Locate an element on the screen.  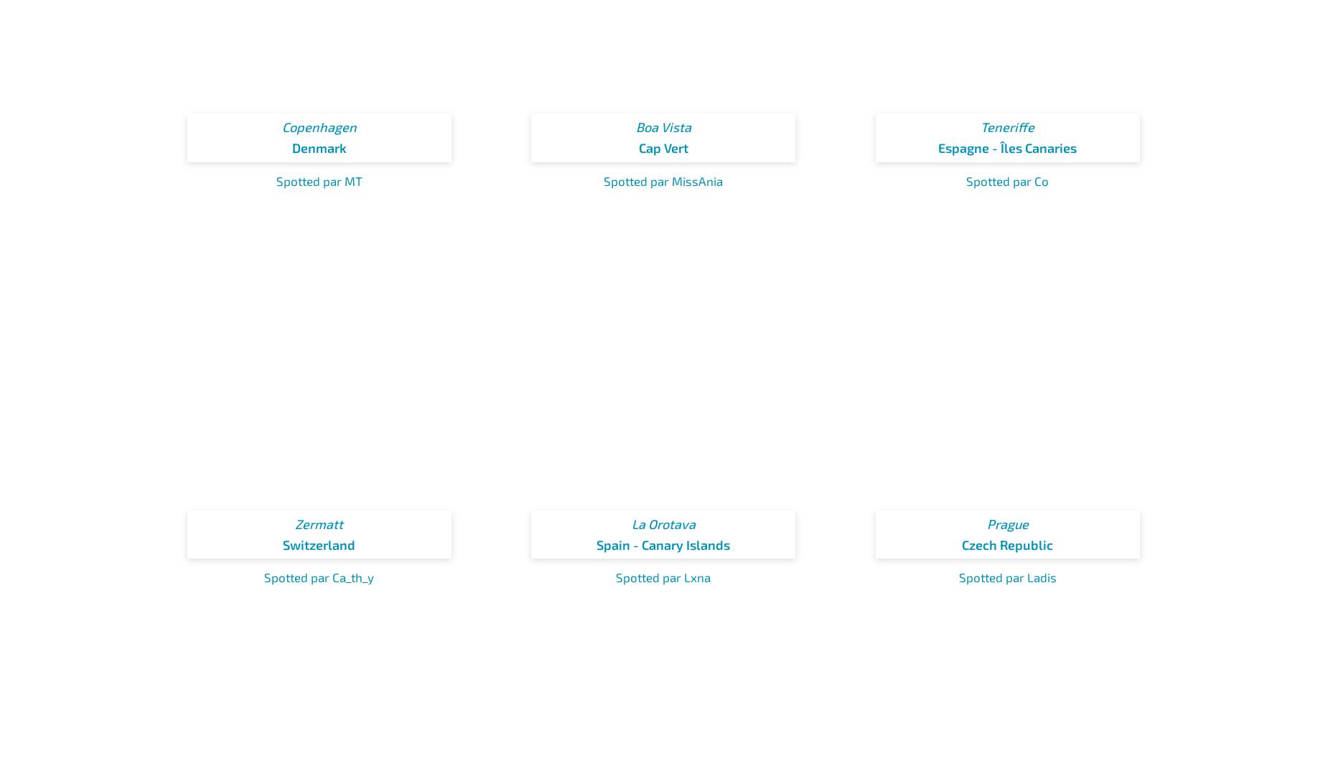
'Spotted par Lxna' is located at coordinates (616, 576).